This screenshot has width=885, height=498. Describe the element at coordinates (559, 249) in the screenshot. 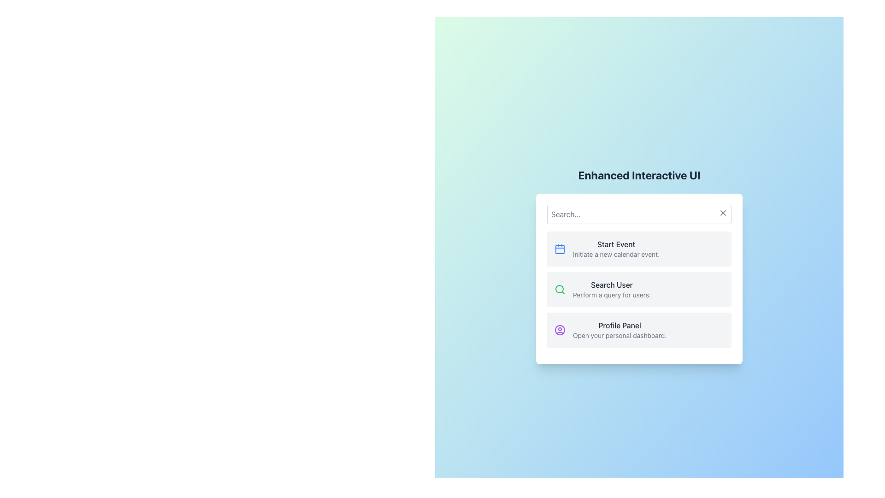

I see `the decorative rectangle within the calendar icon, which features a blue outline and is located to the left of the 'Start Event' label in the top card layout` at that location.